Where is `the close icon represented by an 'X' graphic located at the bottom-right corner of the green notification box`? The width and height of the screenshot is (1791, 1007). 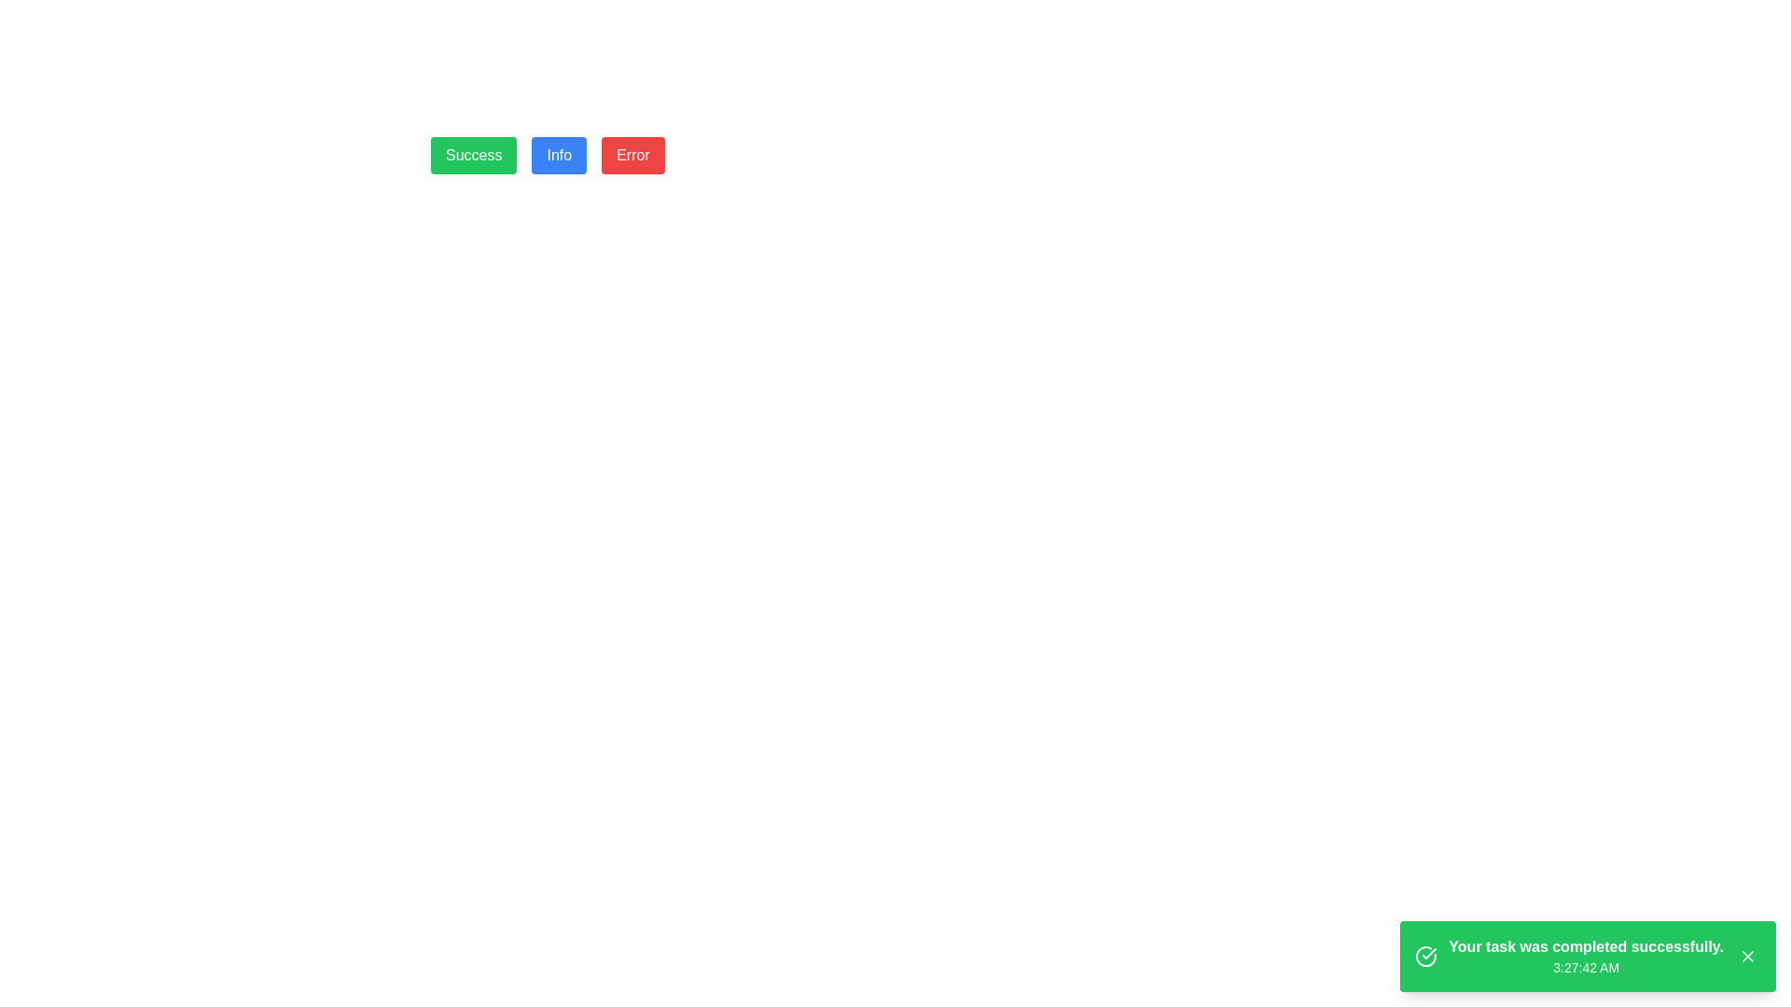
the close icon represented by an 'X' graphic located at the bottom-right corner of the green notification box is located at coordinates (1746, 957).